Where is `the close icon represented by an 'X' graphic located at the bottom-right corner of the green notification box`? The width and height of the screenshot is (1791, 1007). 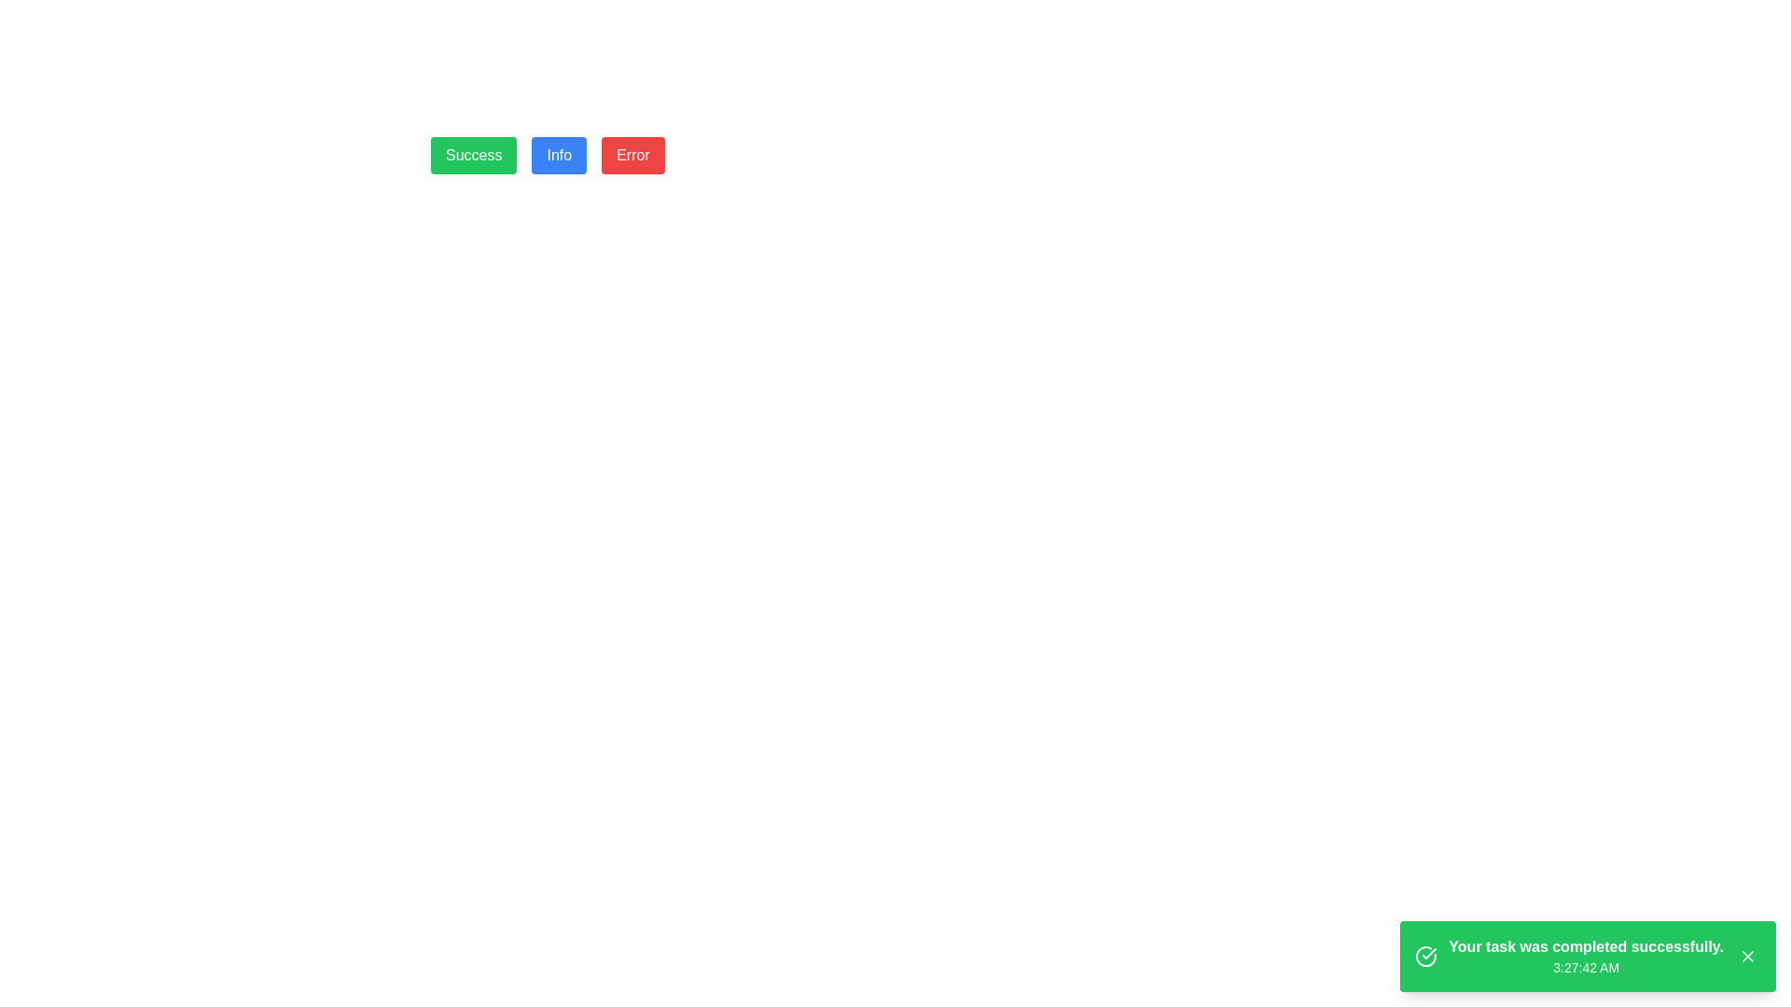
the close icon represented by an 'X' graphic located at the bottom-right corner of the green notification box is located at coordinates (1746, 957).